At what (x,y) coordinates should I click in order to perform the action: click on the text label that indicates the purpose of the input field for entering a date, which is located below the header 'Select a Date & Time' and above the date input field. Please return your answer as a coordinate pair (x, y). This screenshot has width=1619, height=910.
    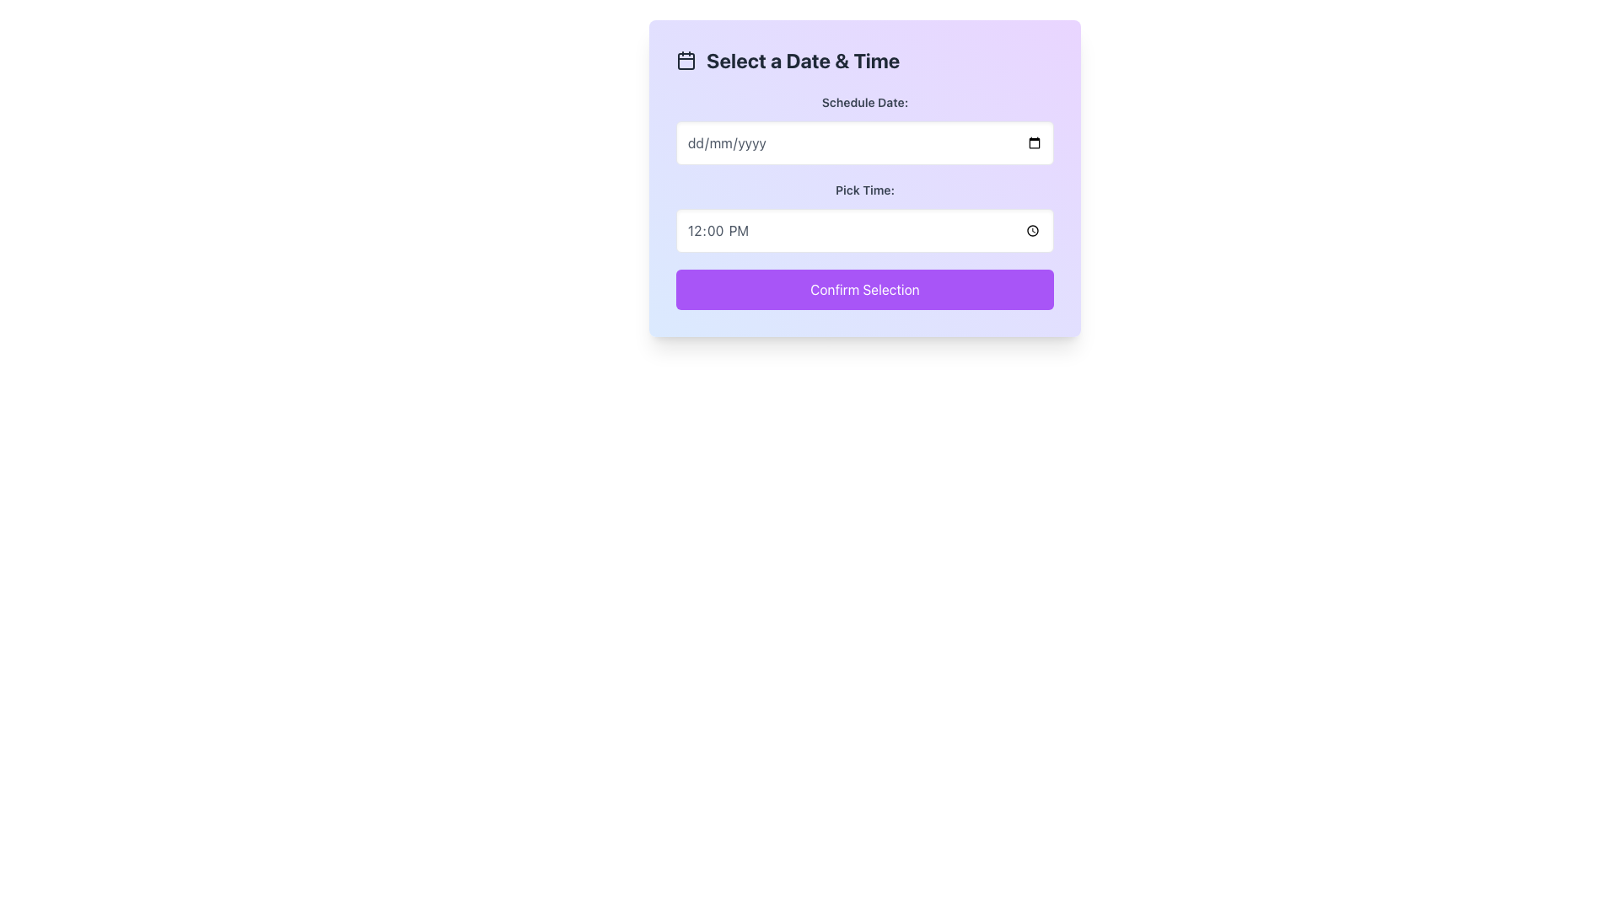
    Looking at the image, I should click on (865, 103).